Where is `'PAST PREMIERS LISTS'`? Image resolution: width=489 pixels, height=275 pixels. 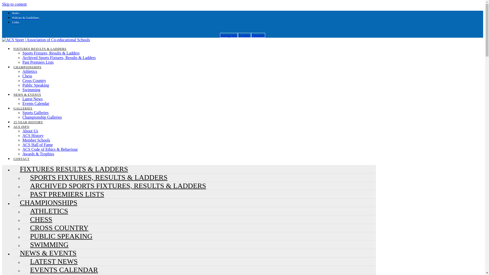 'PAST PREMIERS LISTS' is located at coordinates (63, 194).